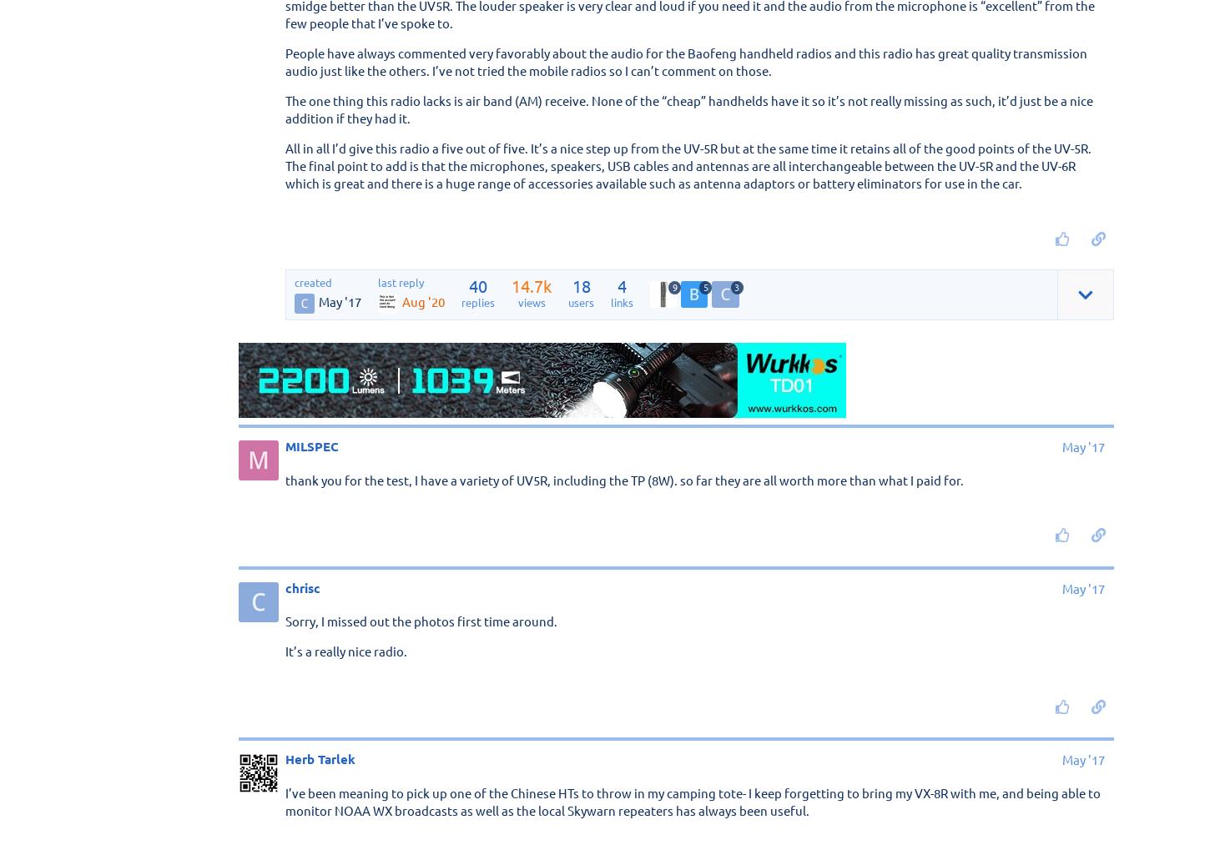  What do you see at coordinates (285, 757) in the screenshot?
I see `'Herb Tarlek'` at bounding box center [285, 757].